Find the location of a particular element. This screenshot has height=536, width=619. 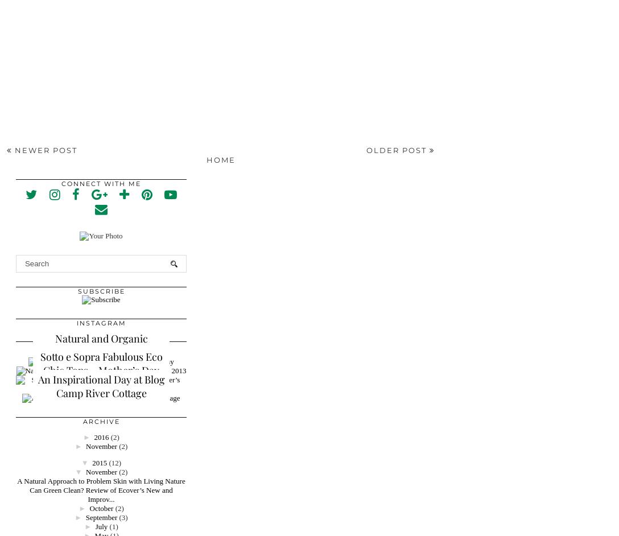

'Can Green Clean? Review of Ecover’s New and Improv...' is located at coordinates (100, 494).